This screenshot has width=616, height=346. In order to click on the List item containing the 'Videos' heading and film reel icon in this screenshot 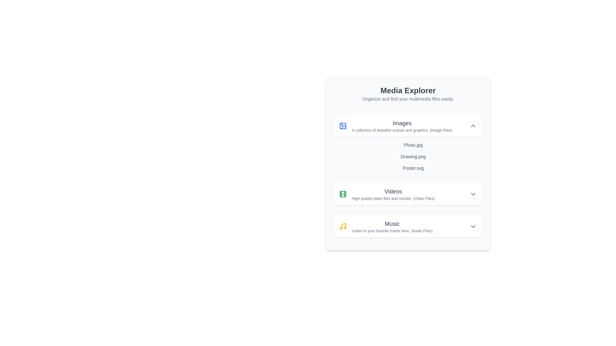, I will do `click(386, 194)`.